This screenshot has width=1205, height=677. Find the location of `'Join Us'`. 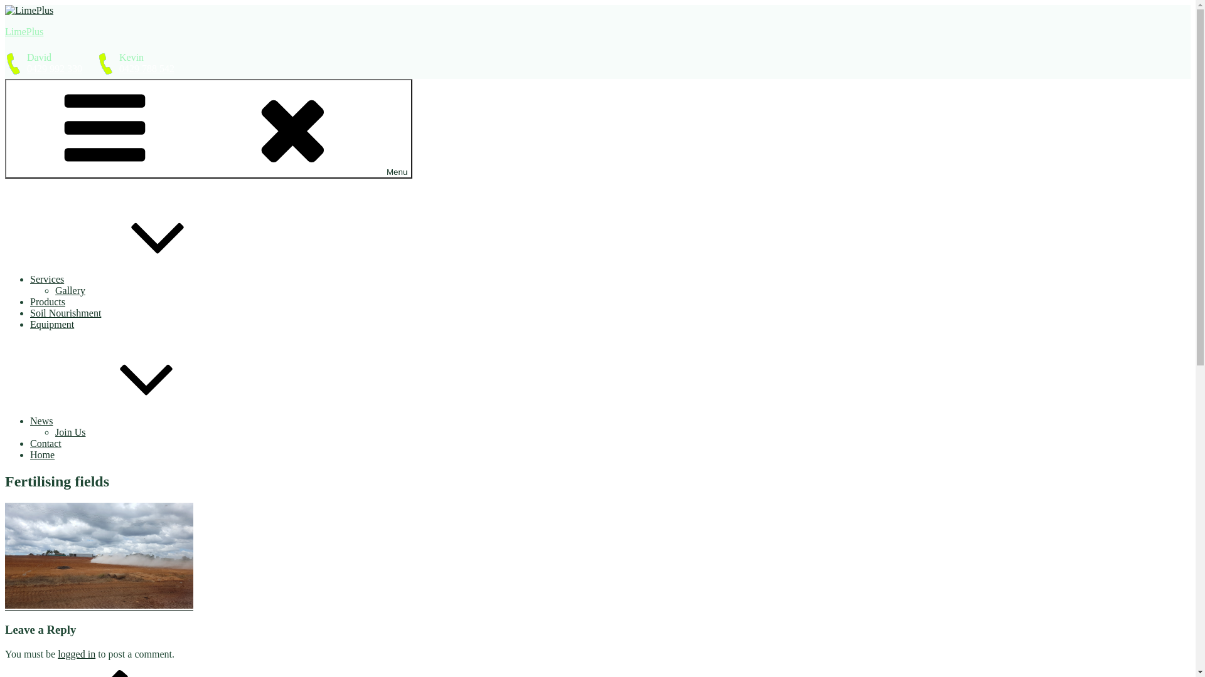

'Join Us' is located at coordinates (69, 431).